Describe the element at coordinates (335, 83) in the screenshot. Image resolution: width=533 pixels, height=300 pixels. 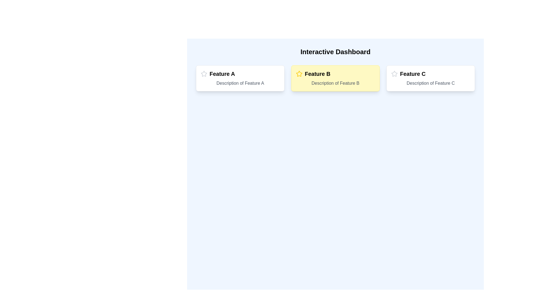
I see `the static text providing information about 'Feature B', located beneath the heading 'Feature B' and to the right of a star icon in the second feature card` at that location.